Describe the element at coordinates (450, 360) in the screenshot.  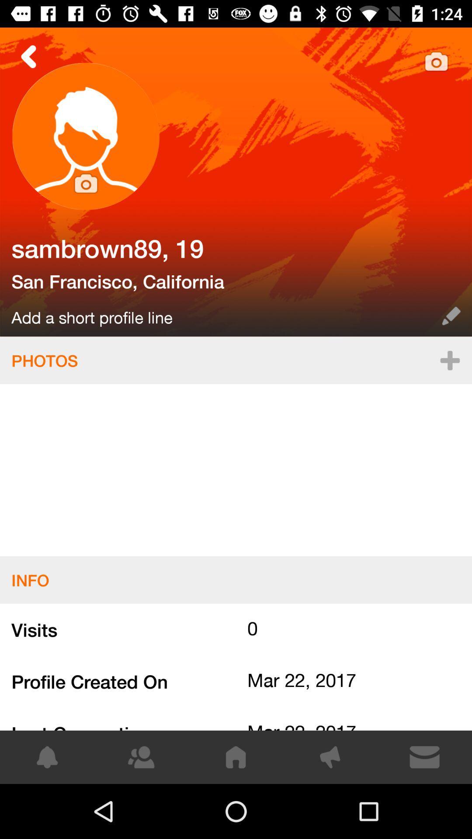
I see `icon next to photos` at that location.